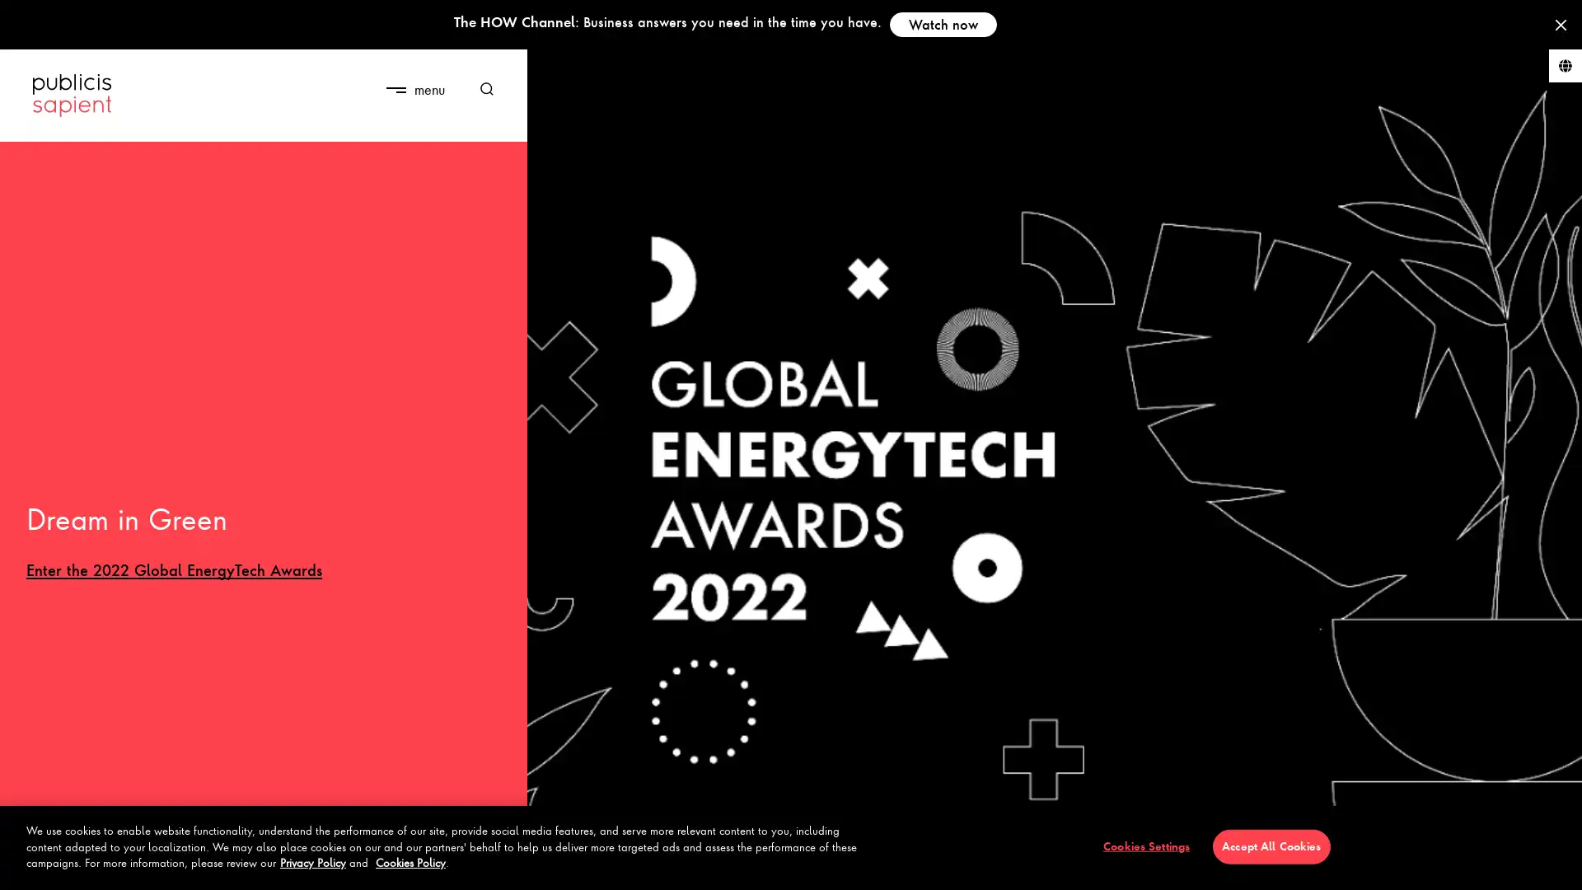  What do you see at coordinates (1560, 25) in the screenshot?
I see `Close notification` at bounding box center [1560, 25].